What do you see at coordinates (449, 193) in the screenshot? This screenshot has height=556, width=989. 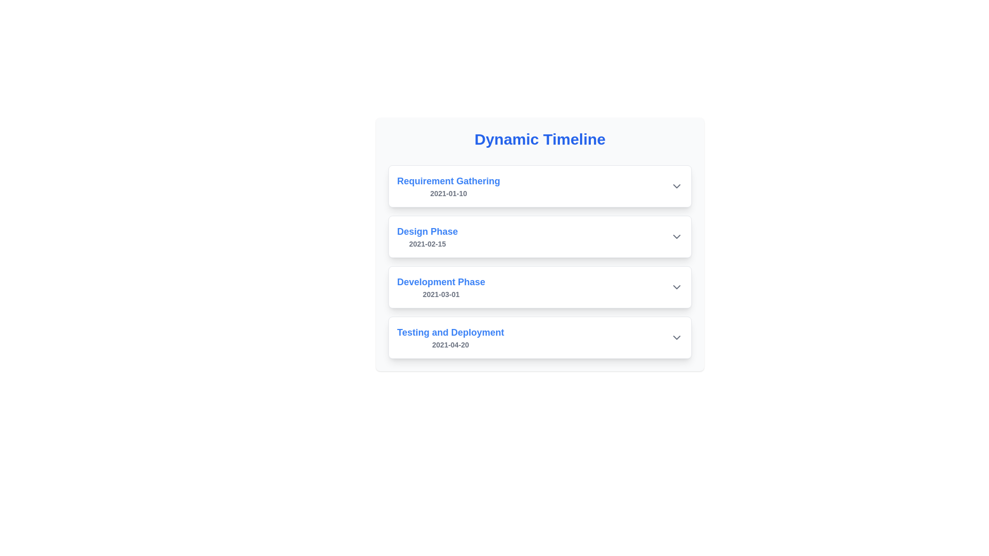 I see `the text label displaying the date '2021-01-10', which is styled in gray and located beneath the bold title 'Requirement Gathering'` at bounding box center [449, 193].